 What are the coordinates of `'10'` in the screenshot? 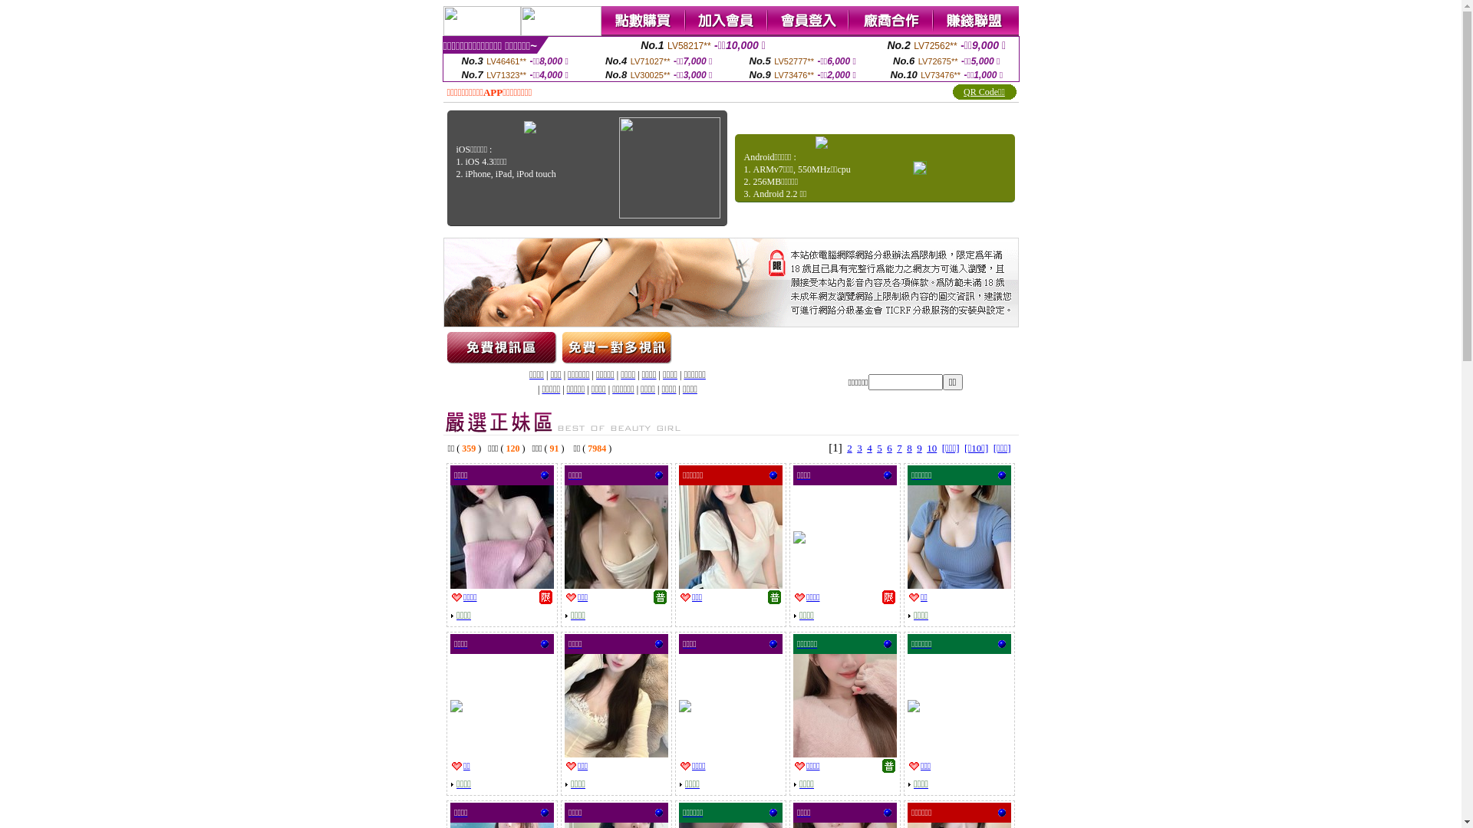 It's located at (926, 448).